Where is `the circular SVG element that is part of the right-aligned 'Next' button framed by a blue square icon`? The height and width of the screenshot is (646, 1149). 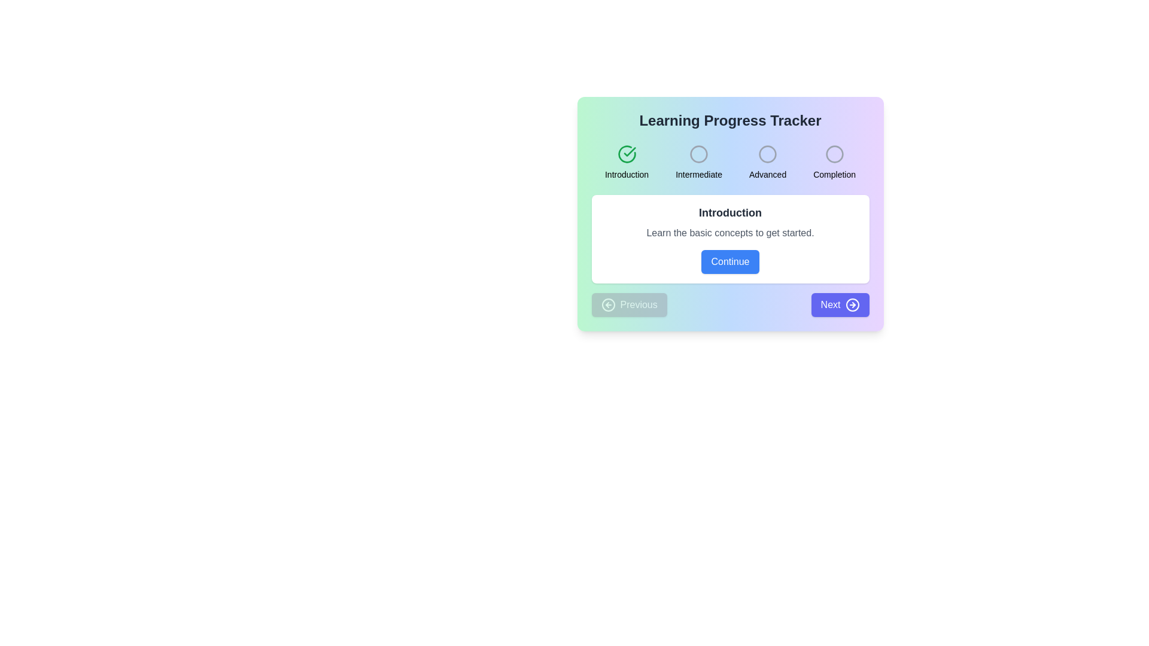
the circular SVG element that is part of the right-aligned 'Next' button framed by a blue square icon is located at coordinates (852, 304).